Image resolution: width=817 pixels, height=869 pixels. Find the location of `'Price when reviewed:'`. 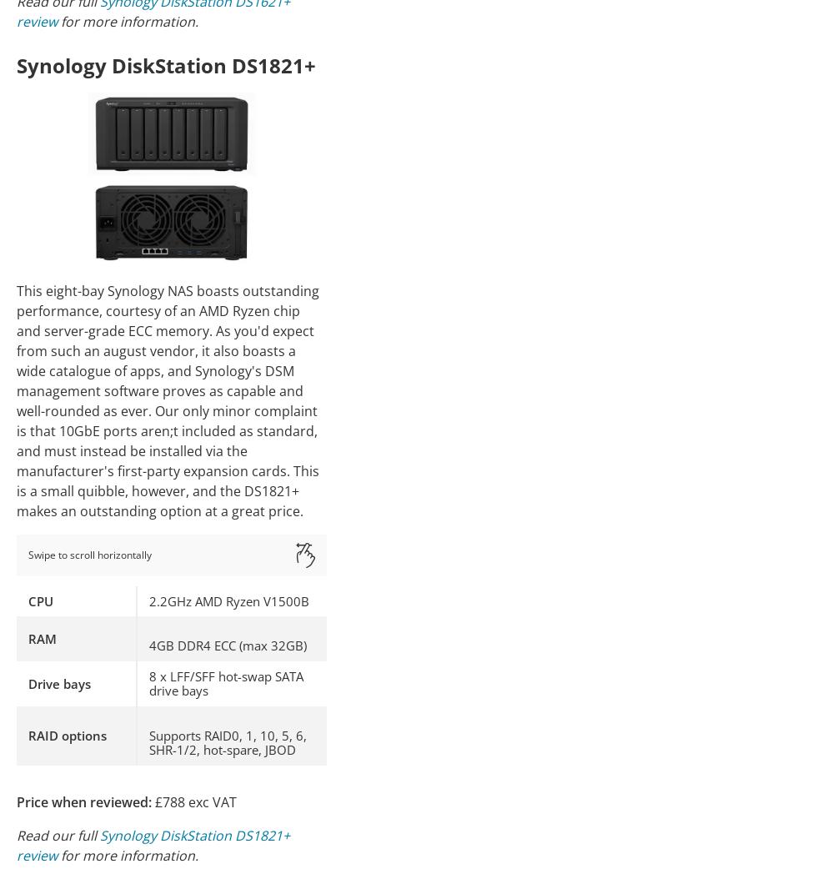

'Price when reviewed:' is located at coordinates (16, 801).